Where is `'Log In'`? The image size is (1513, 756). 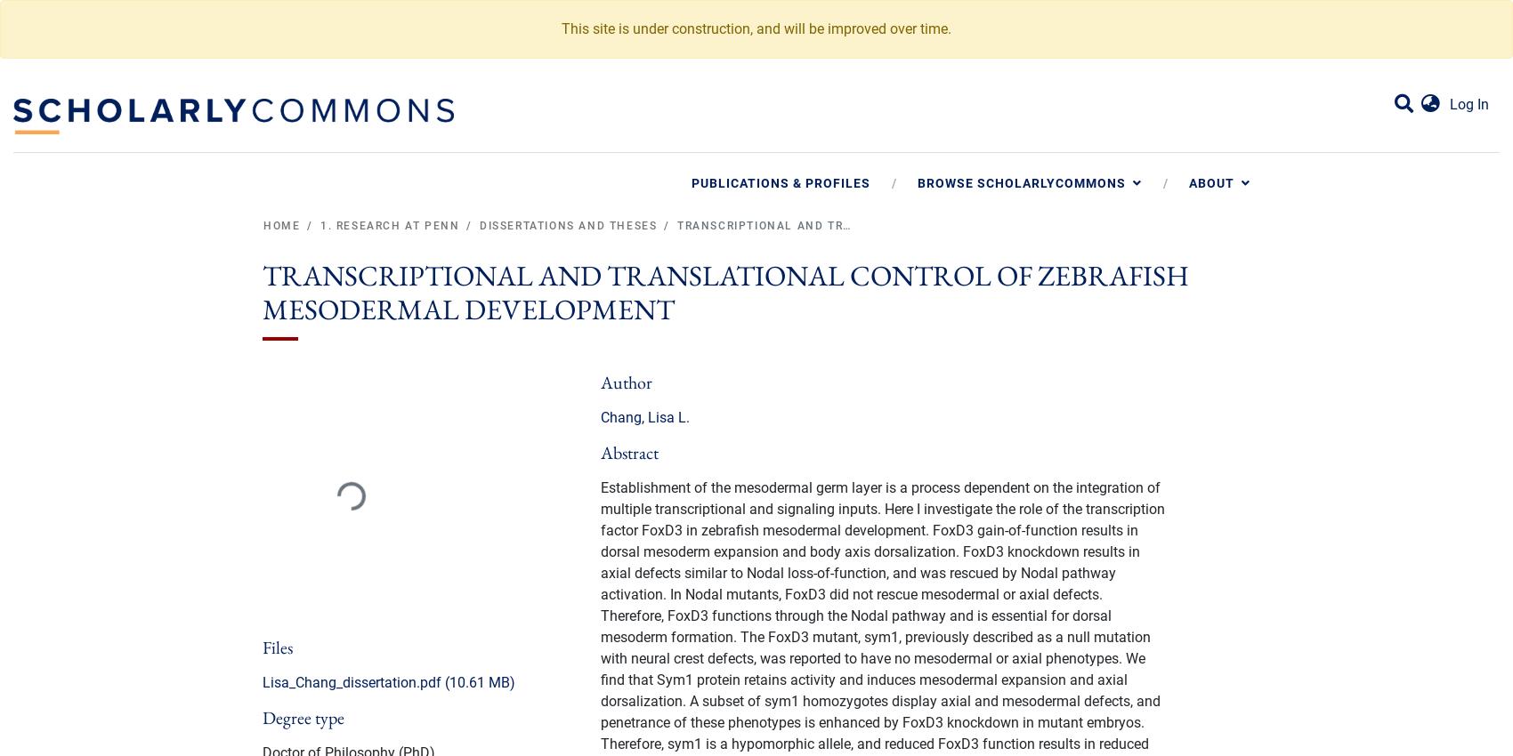
'Log In' is located at coordinates (1468, 103).